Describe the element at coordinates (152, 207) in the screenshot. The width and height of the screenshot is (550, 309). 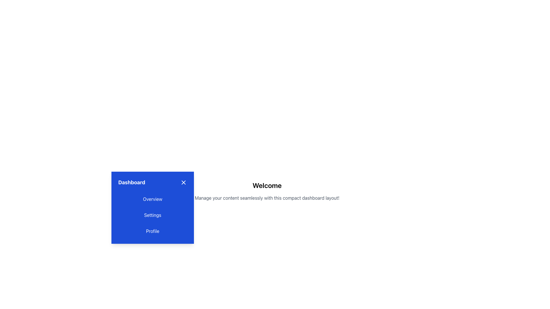
I see `the vertical Navigation menu component` at that location.